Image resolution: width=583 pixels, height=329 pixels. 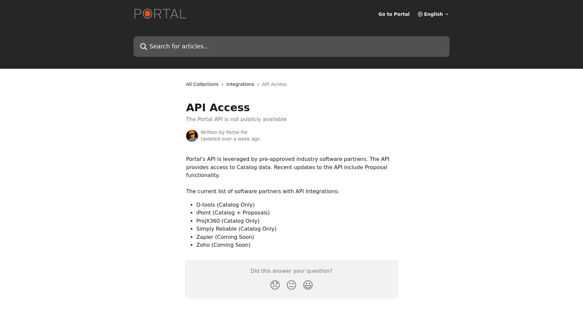 I want to click on 'The Portal API is not publicly available', so click(x=236, y=119).